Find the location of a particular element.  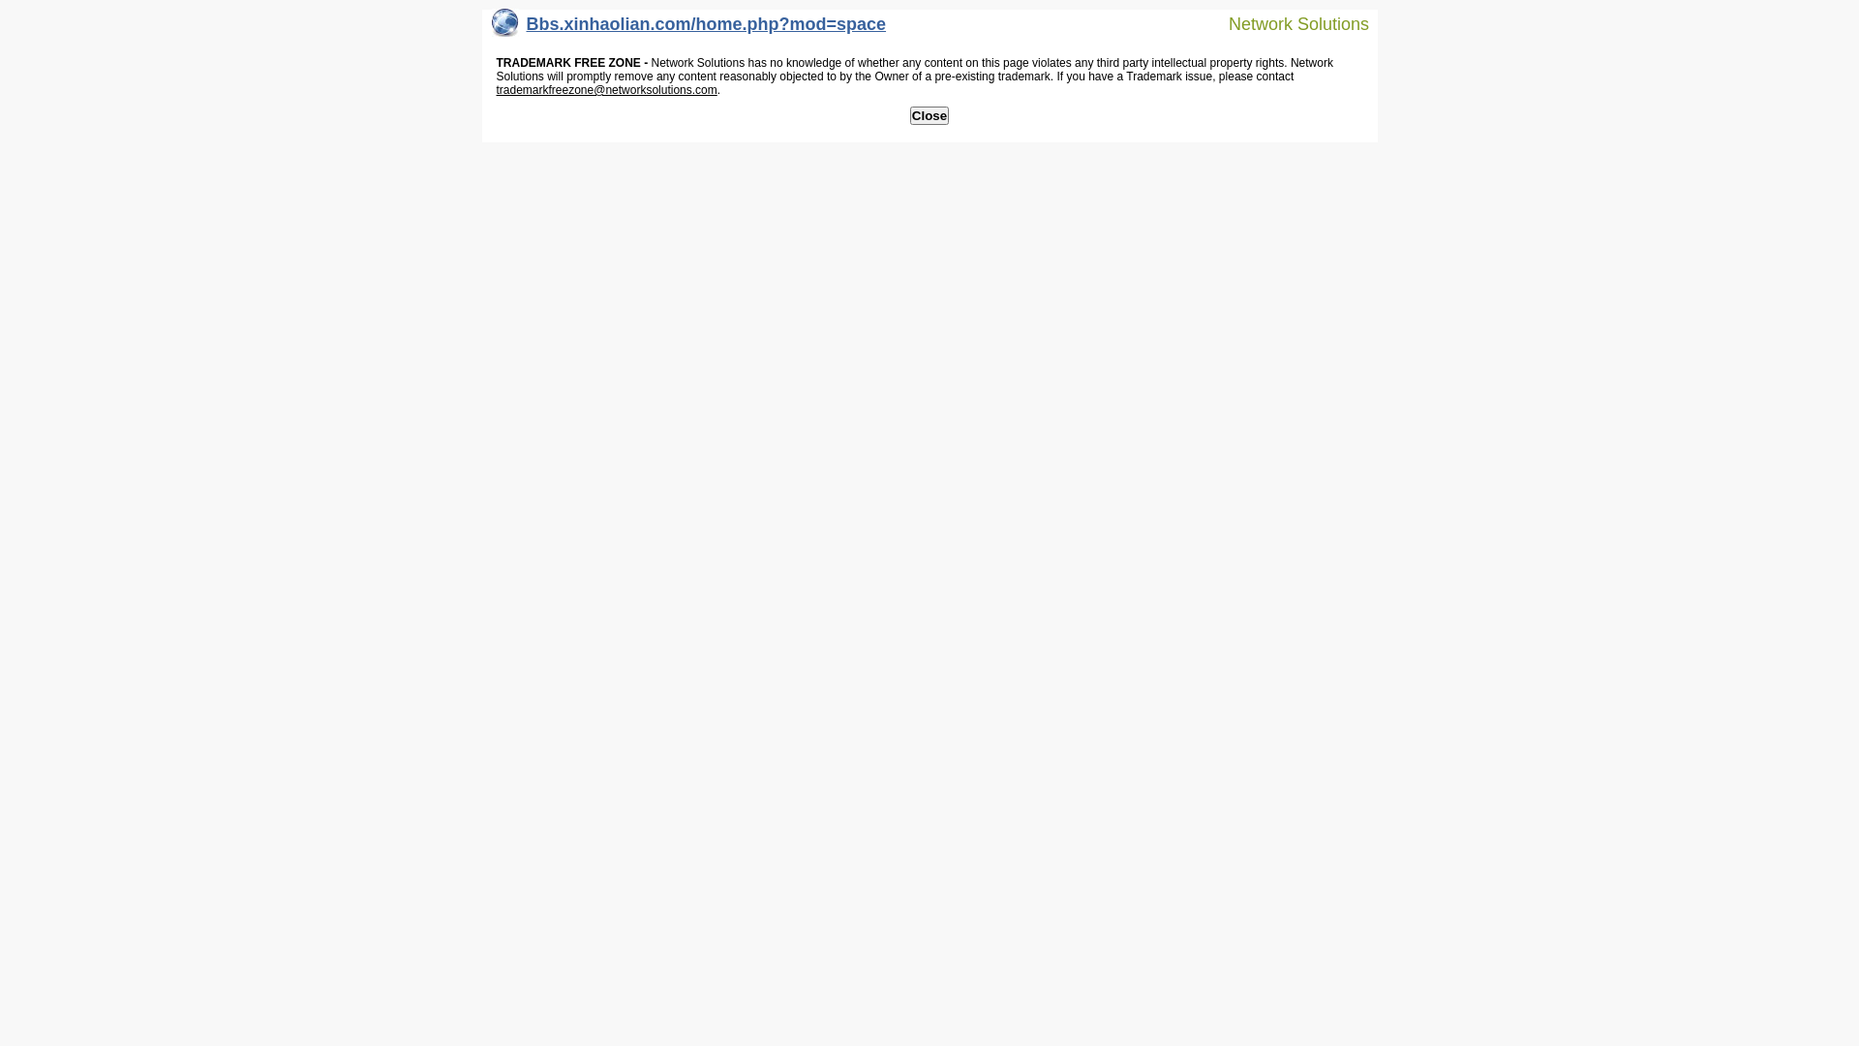

'Close' is located at coordinates (929, 115).